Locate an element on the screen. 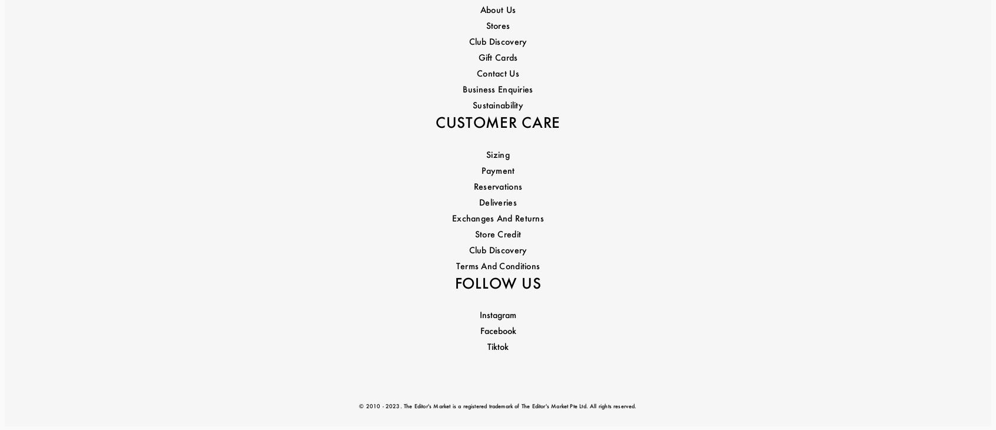  'Terms And Conditions' is located at coordinates (497, 171).